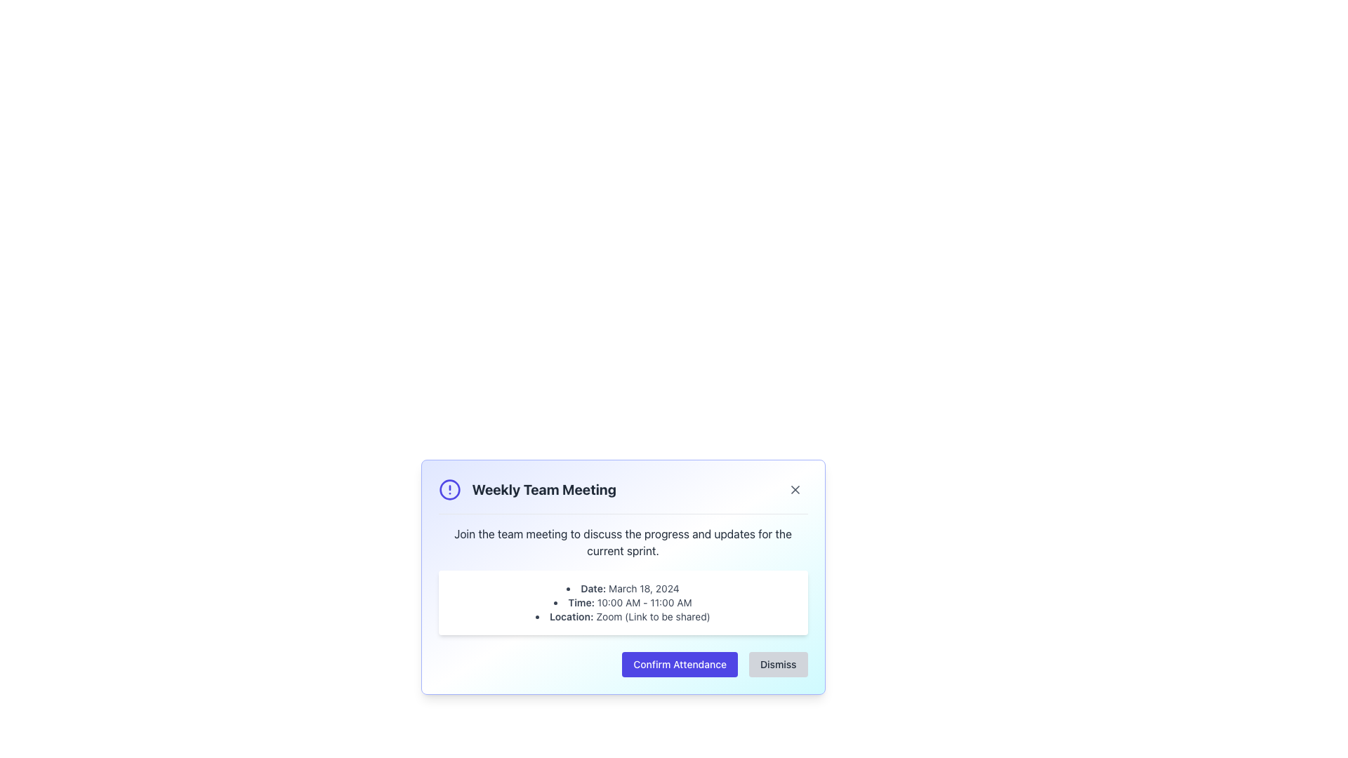  What do you see at coordinates (622, 580) in the screenshot?
I see `the informational text block that contains meeting details, located below the 'Weekly Team Meeting' header and above the 'Confirm Attendance' and 'Dismiss' buttons` at bounding box center [622, 580].